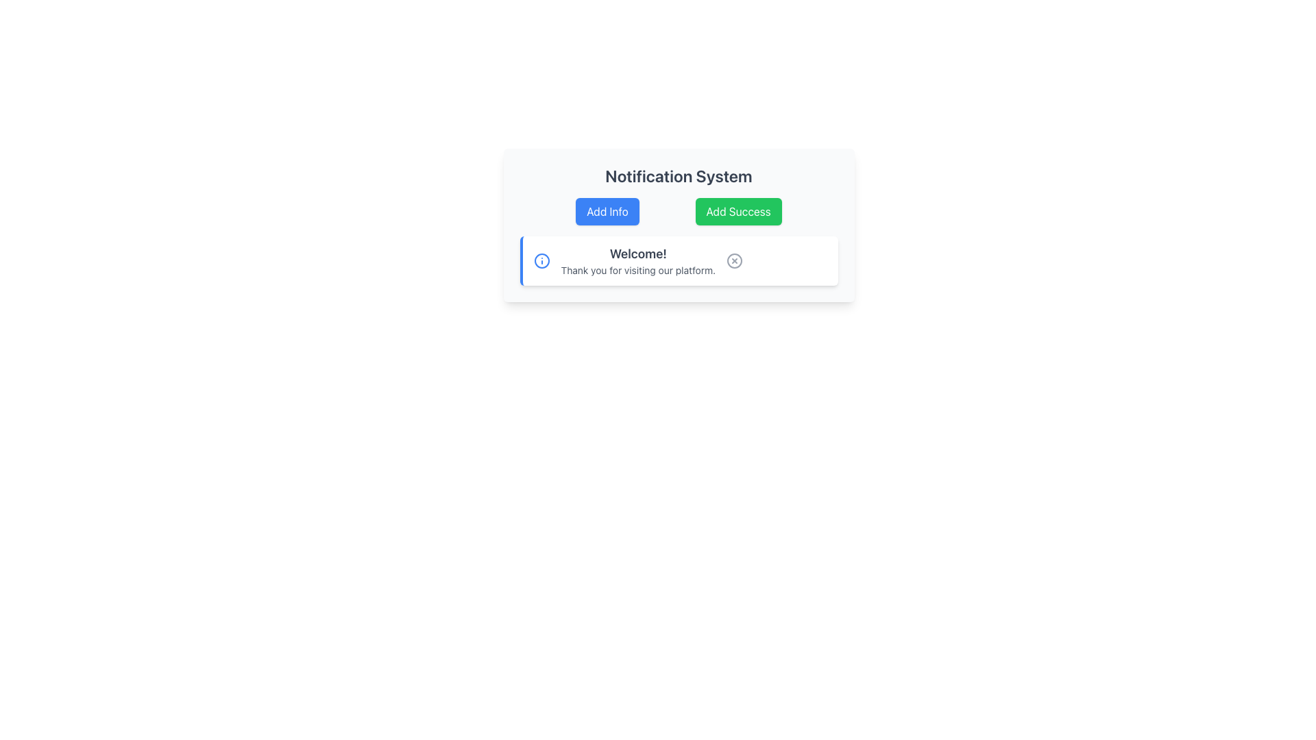 Image resolution: width=1316 pixels, height=740 pixels. What do you see at coordinates (679, 261) in the screenshot?
I see `the information displayed in the Static Text Block, which provides a welcoming message located below the 'Notification System' title and two buttons labeled 'Add Info' and 'Add Success'` at bounding box center [679, 261].